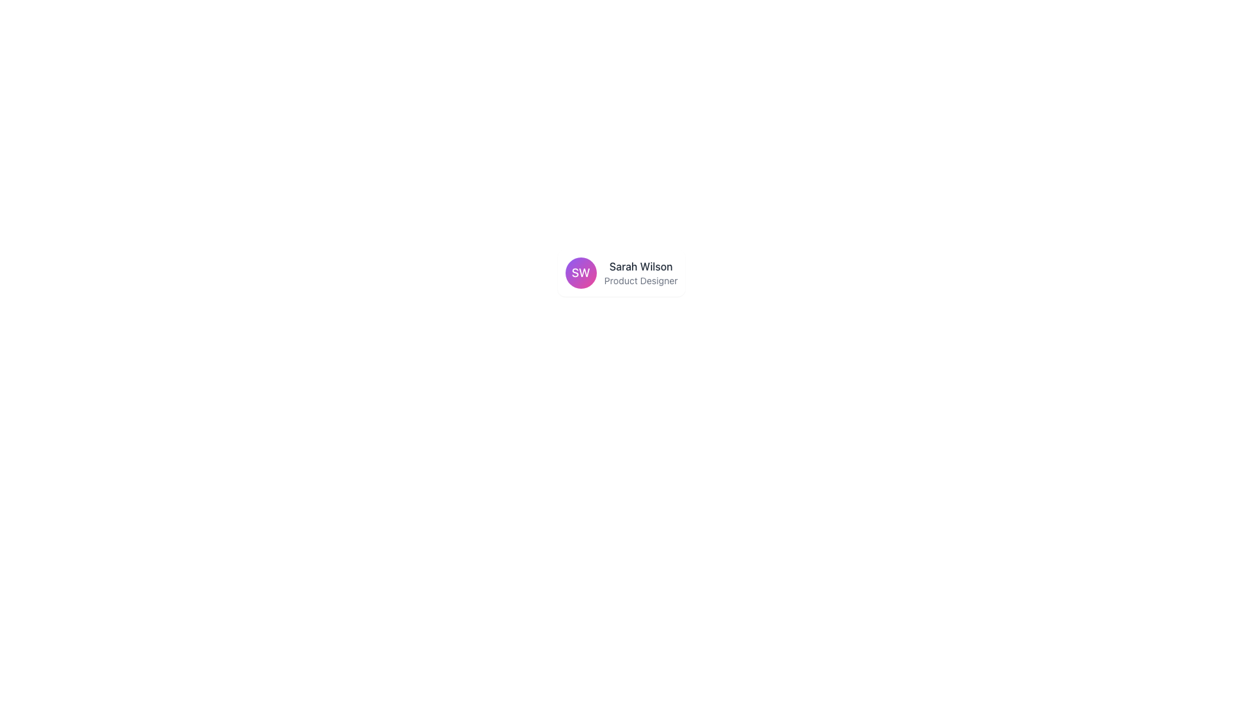 This screenshot has width=1251, height=704. I want to click on the static text label displaying 'Sarah Wilson', which is the first line of text in a minimalist profile section, so click(640, 265).